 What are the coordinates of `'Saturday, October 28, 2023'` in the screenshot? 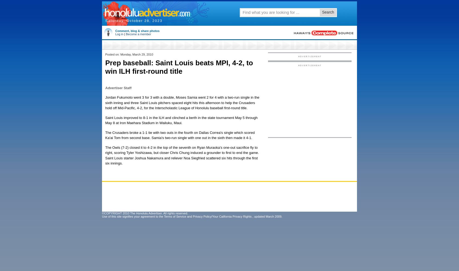 It's located at (105, 20).